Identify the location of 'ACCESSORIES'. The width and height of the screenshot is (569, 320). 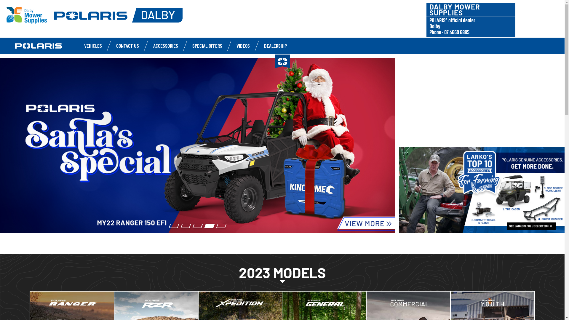
(165, 45).